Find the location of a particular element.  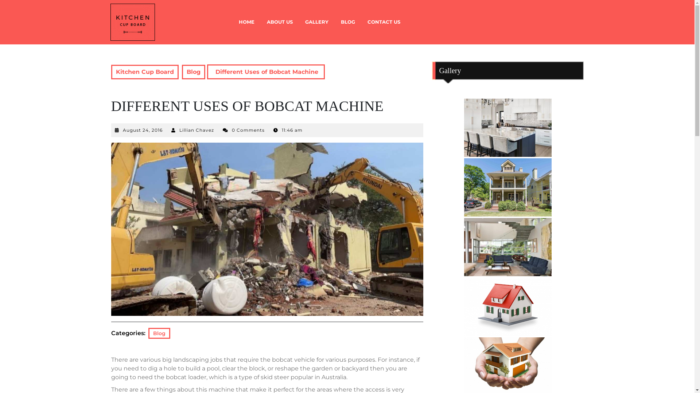

'BLOG' is located at coordinates (347, 22).